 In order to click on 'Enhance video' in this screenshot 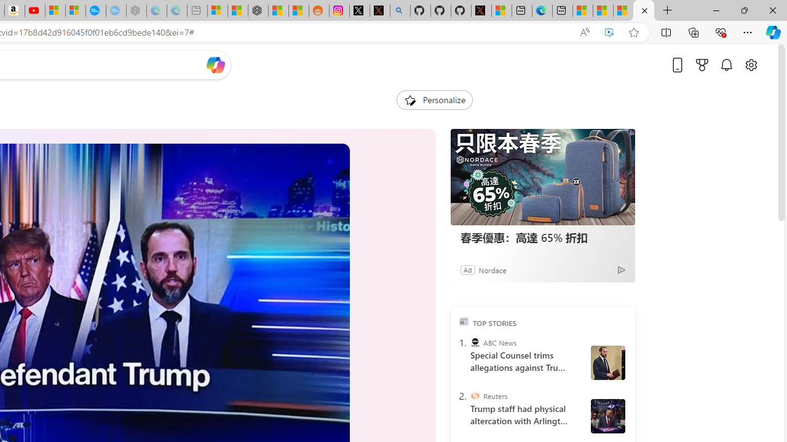, I will do `click(609, 32)`.